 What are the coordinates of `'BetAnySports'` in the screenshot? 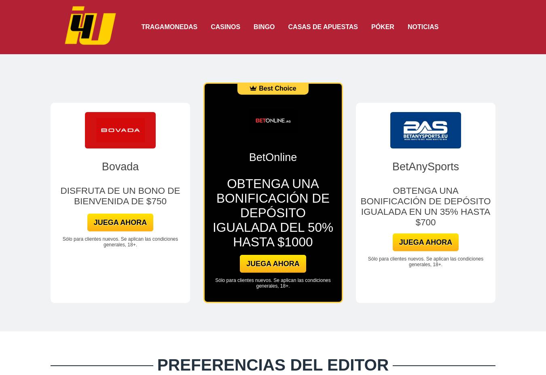 It's located at (425, 166).